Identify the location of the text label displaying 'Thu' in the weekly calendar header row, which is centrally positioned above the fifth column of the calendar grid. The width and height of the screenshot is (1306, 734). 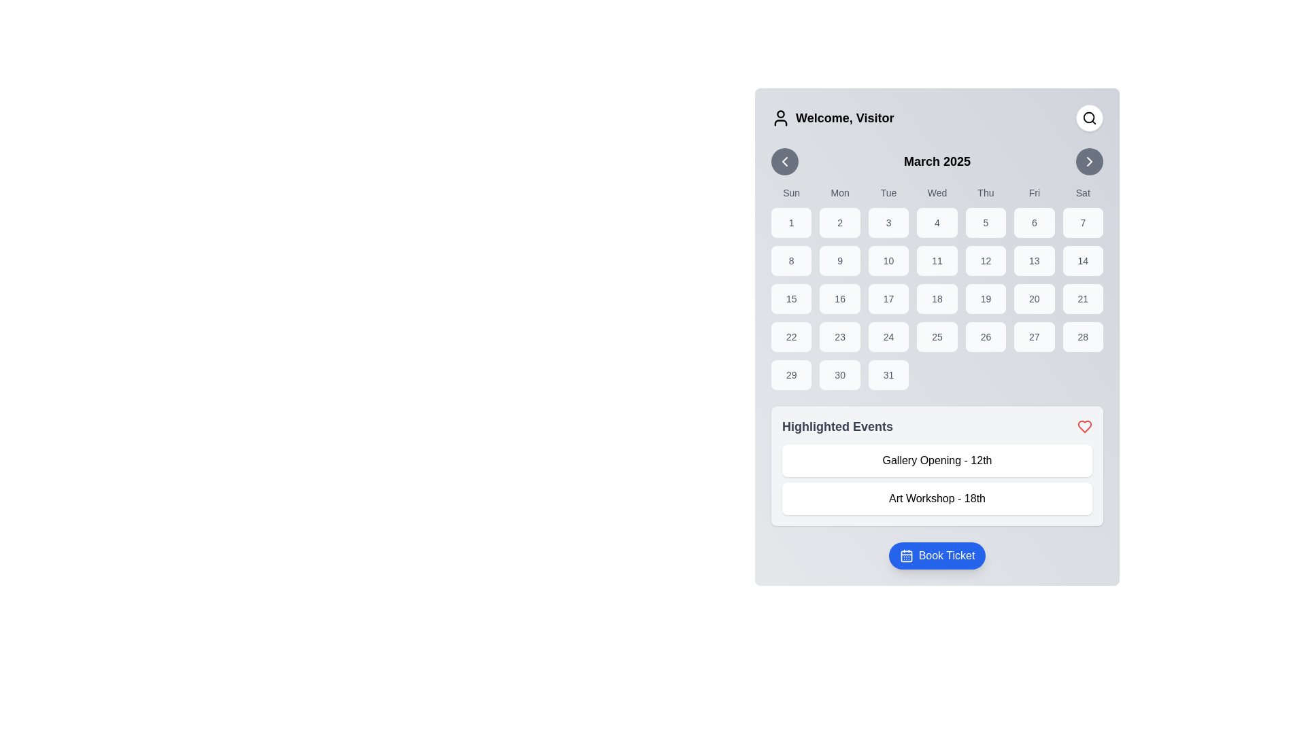
(986, 193).